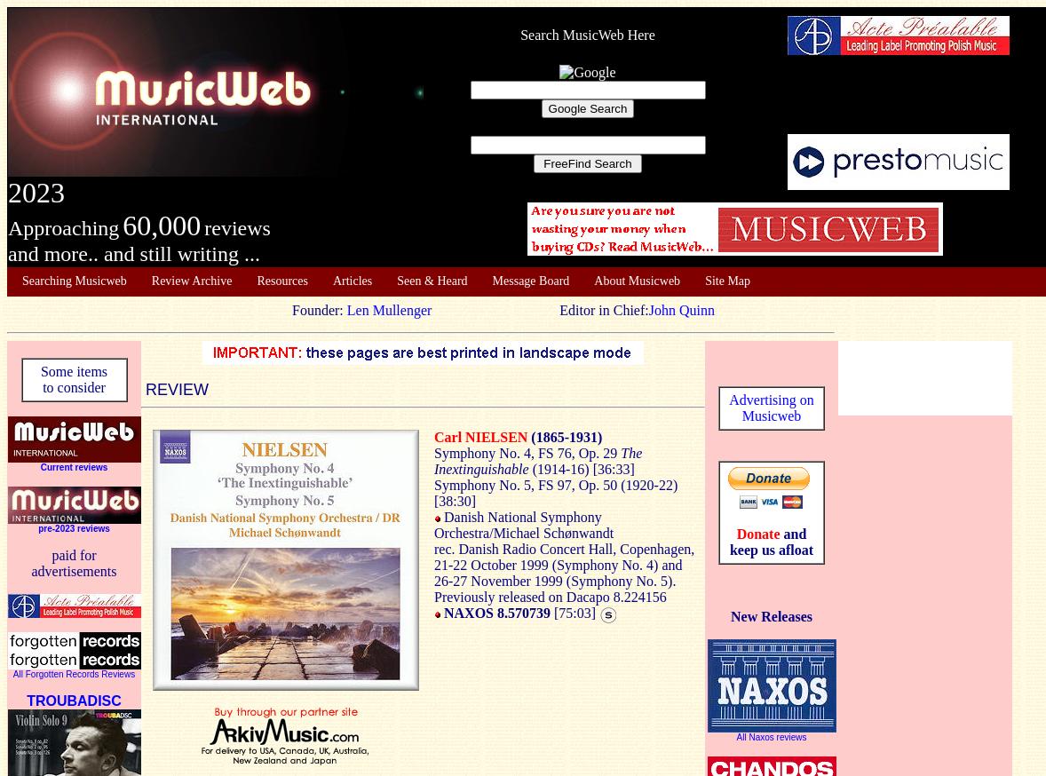  What do you see at coordinates (52, 352) in the screenshot?
I see `'Contributors'` at bounding box center [52, 352].